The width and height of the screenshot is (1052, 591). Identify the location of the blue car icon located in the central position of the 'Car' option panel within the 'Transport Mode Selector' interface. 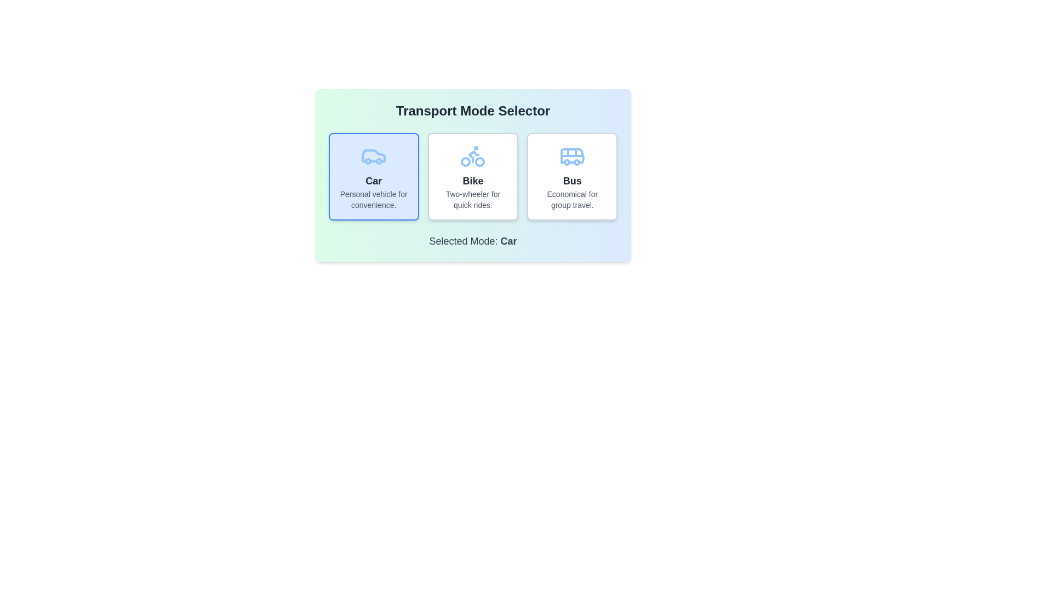
(373, 156).